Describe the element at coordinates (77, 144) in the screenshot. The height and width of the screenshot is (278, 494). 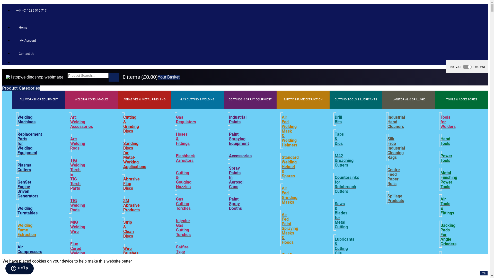
I see `'Arc Welding Rods'` at that location.